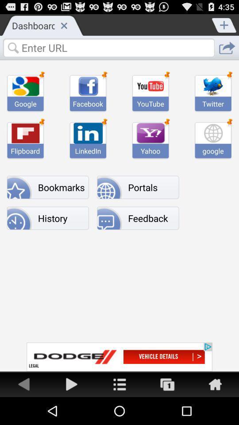 The width and height of the screenshot is (239, 425). What do you see at coordinates (63, 25) in the screenshot?
I see `the close button on the web page` at bounding box center [63, 25].